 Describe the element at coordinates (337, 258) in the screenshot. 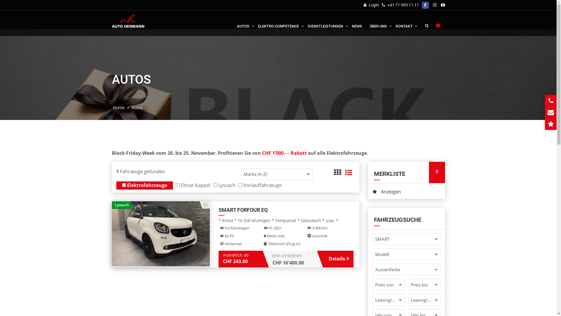

I see `'Details'` at that location.